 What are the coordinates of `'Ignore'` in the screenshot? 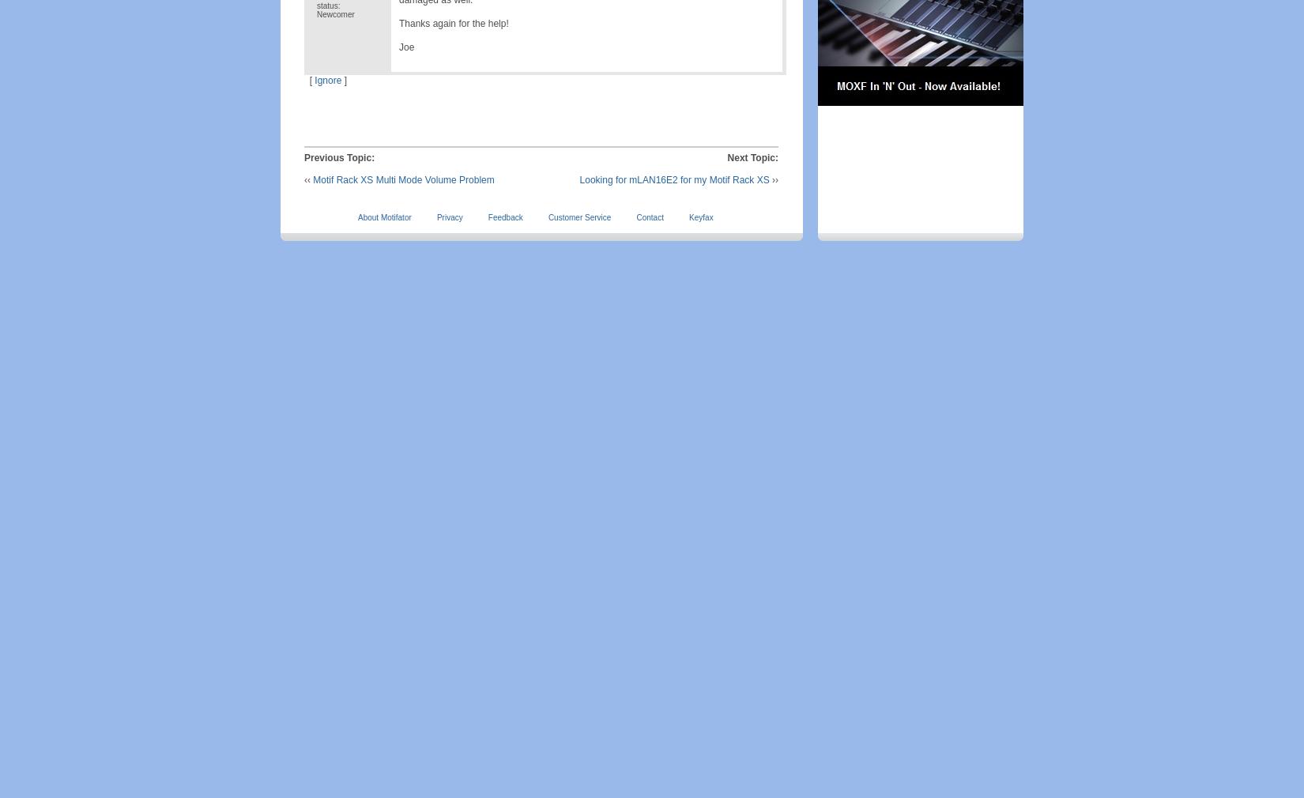 It's located at (326, 80).